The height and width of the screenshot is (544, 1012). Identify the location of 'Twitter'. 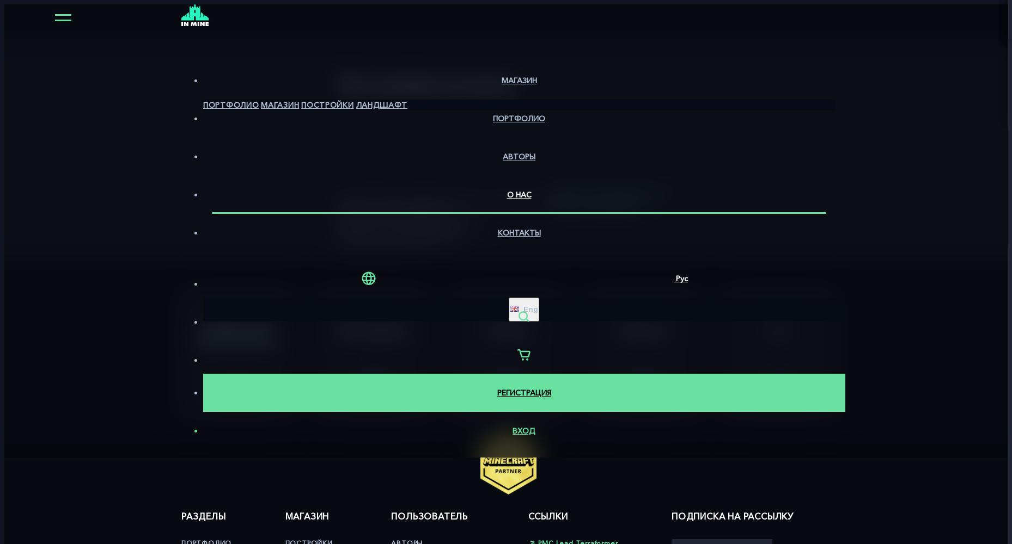
(507, 329).